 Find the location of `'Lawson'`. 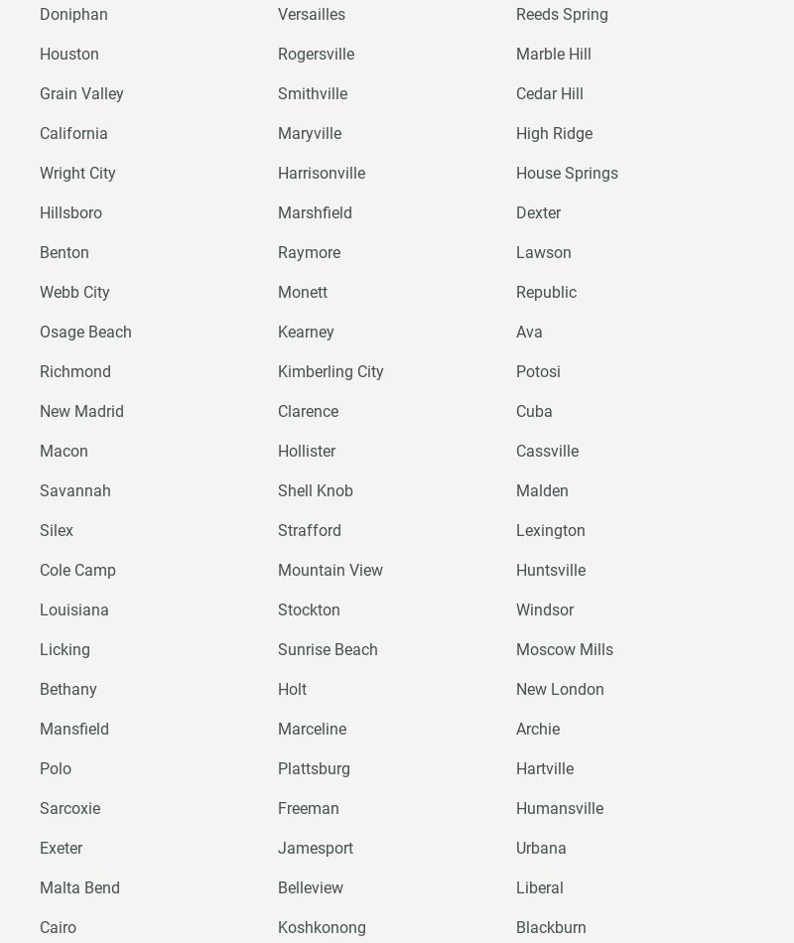

'Lawson' is located at coordinates (543, 251).